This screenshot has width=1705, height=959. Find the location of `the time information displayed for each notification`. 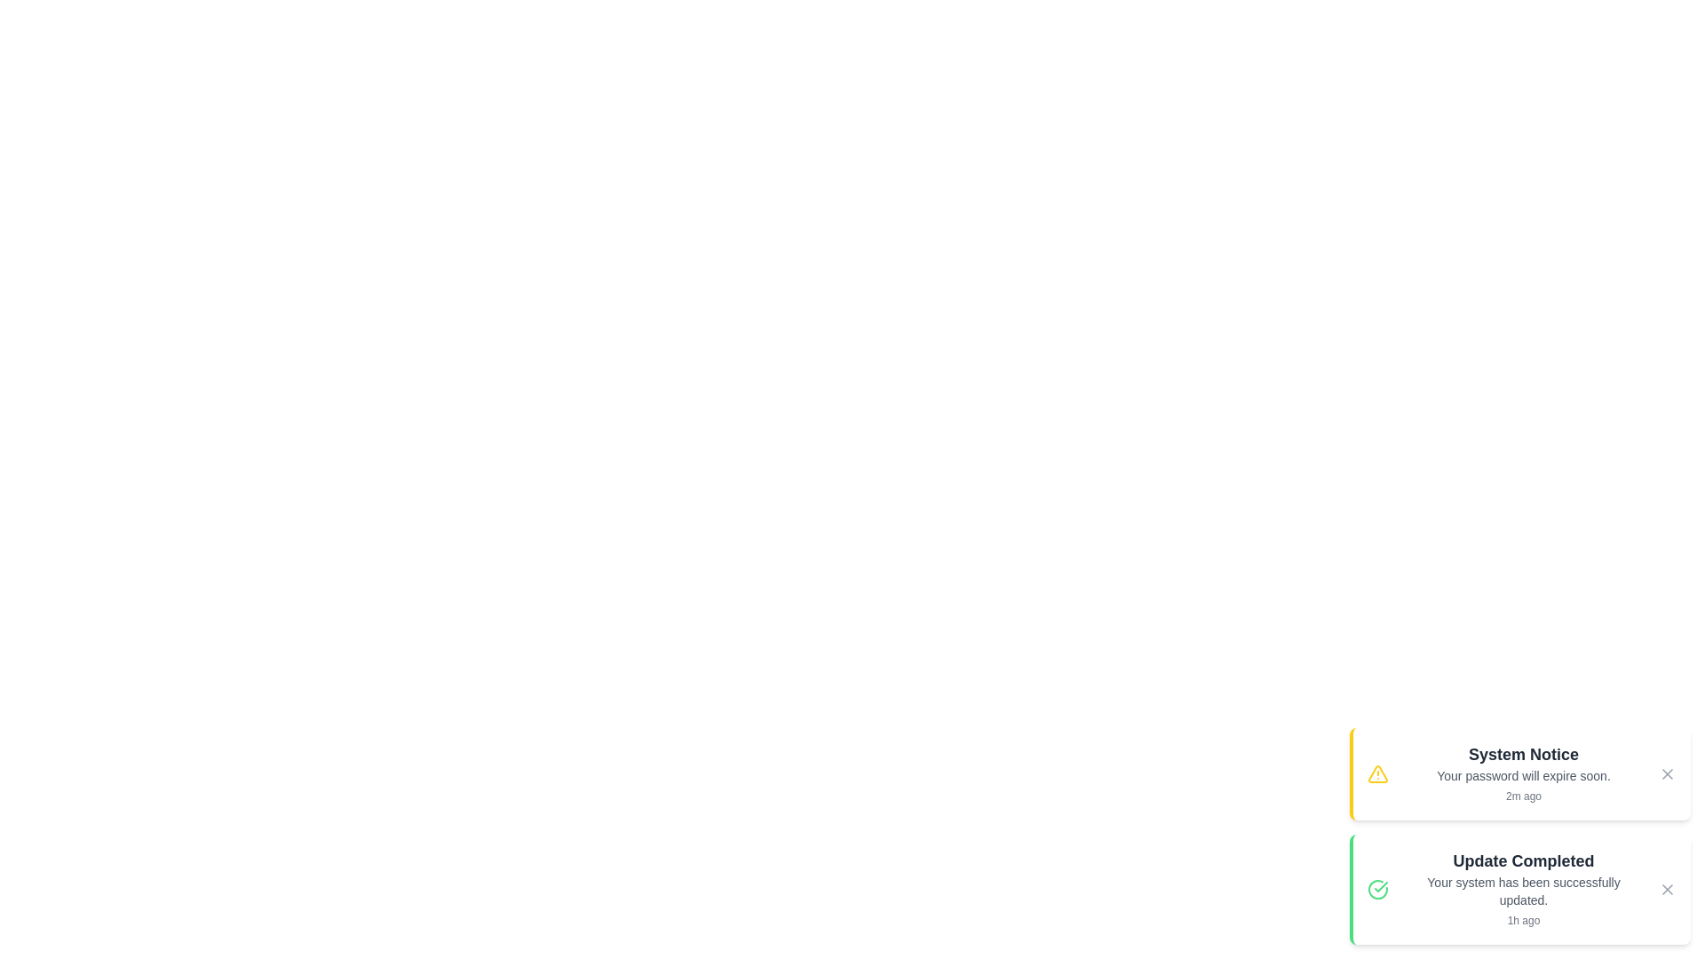

the time information displayed for each notification is located at coordinates (1523, 796).